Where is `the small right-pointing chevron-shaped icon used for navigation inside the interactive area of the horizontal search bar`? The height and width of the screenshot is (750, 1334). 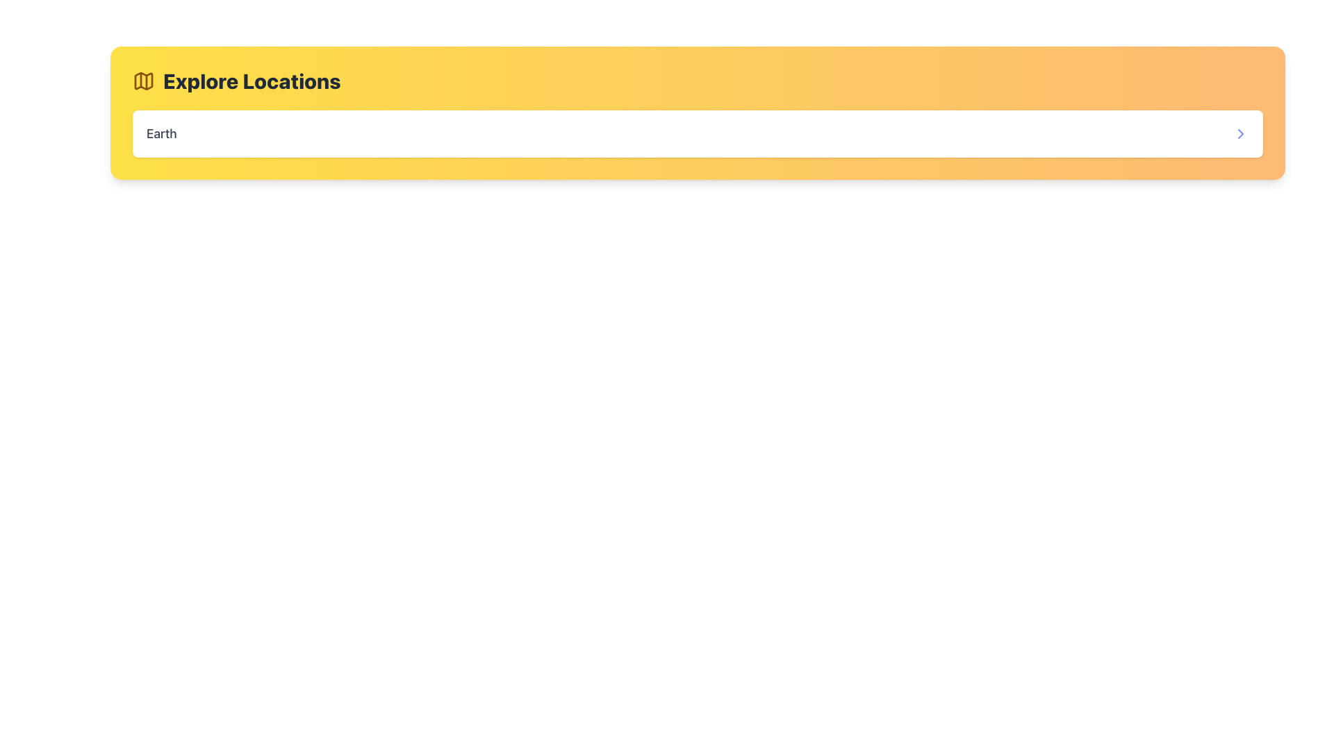 the small right-pointing chevron-shaped icon used for navigation inside the interactive area of the horizontal search bar is located at coordinates (1240, 133).